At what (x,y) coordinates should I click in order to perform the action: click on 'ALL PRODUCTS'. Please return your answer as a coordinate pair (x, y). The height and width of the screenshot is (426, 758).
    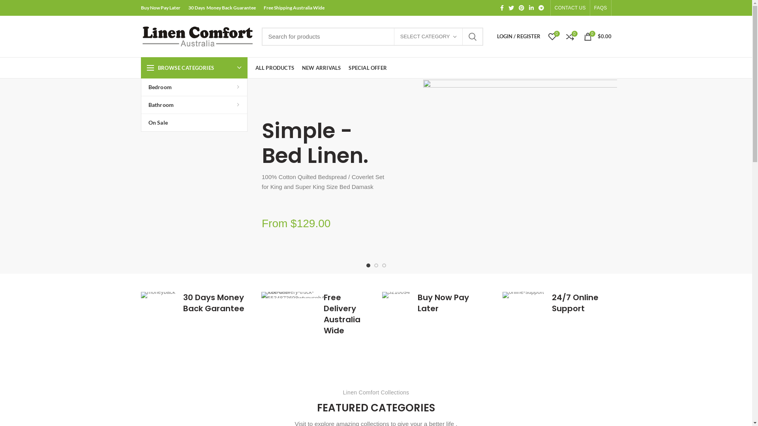
    Looking at the image, I should click on (274, 67).